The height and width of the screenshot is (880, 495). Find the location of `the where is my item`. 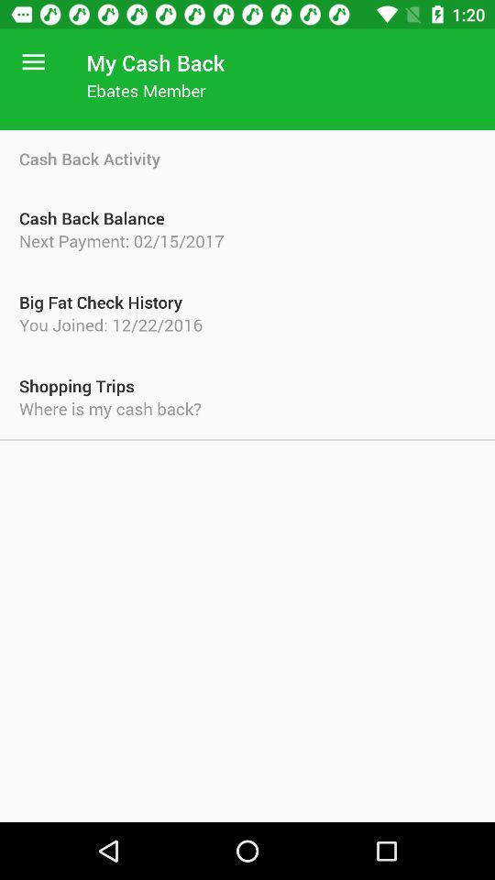

the where is my item is located at coordinates (247, 408).